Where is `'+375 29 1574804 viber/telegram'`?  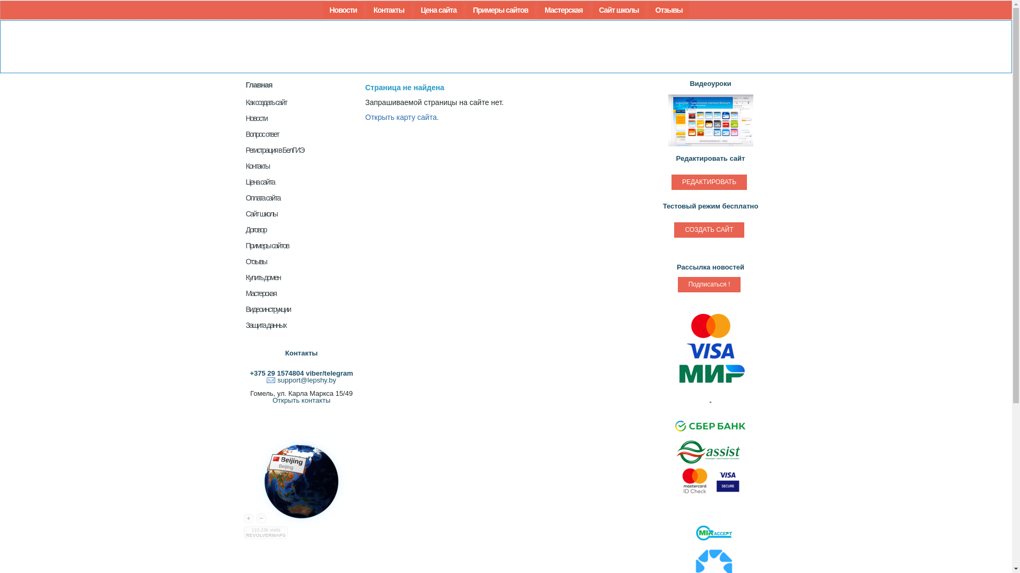
'+375 29 1574804 viber/telegram' is located at coordinates (300, 372).